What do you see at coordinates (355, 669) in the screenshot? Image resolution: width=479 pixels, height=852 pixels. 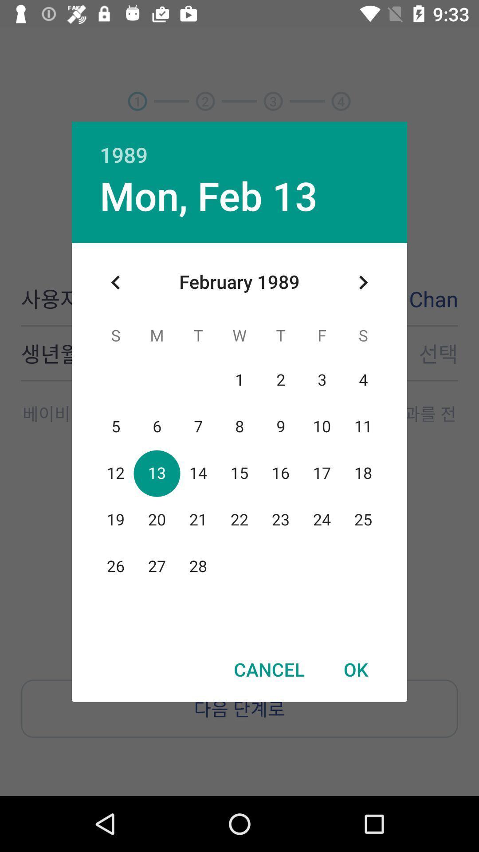 I see `ok item` at bounding box center [355, 669].